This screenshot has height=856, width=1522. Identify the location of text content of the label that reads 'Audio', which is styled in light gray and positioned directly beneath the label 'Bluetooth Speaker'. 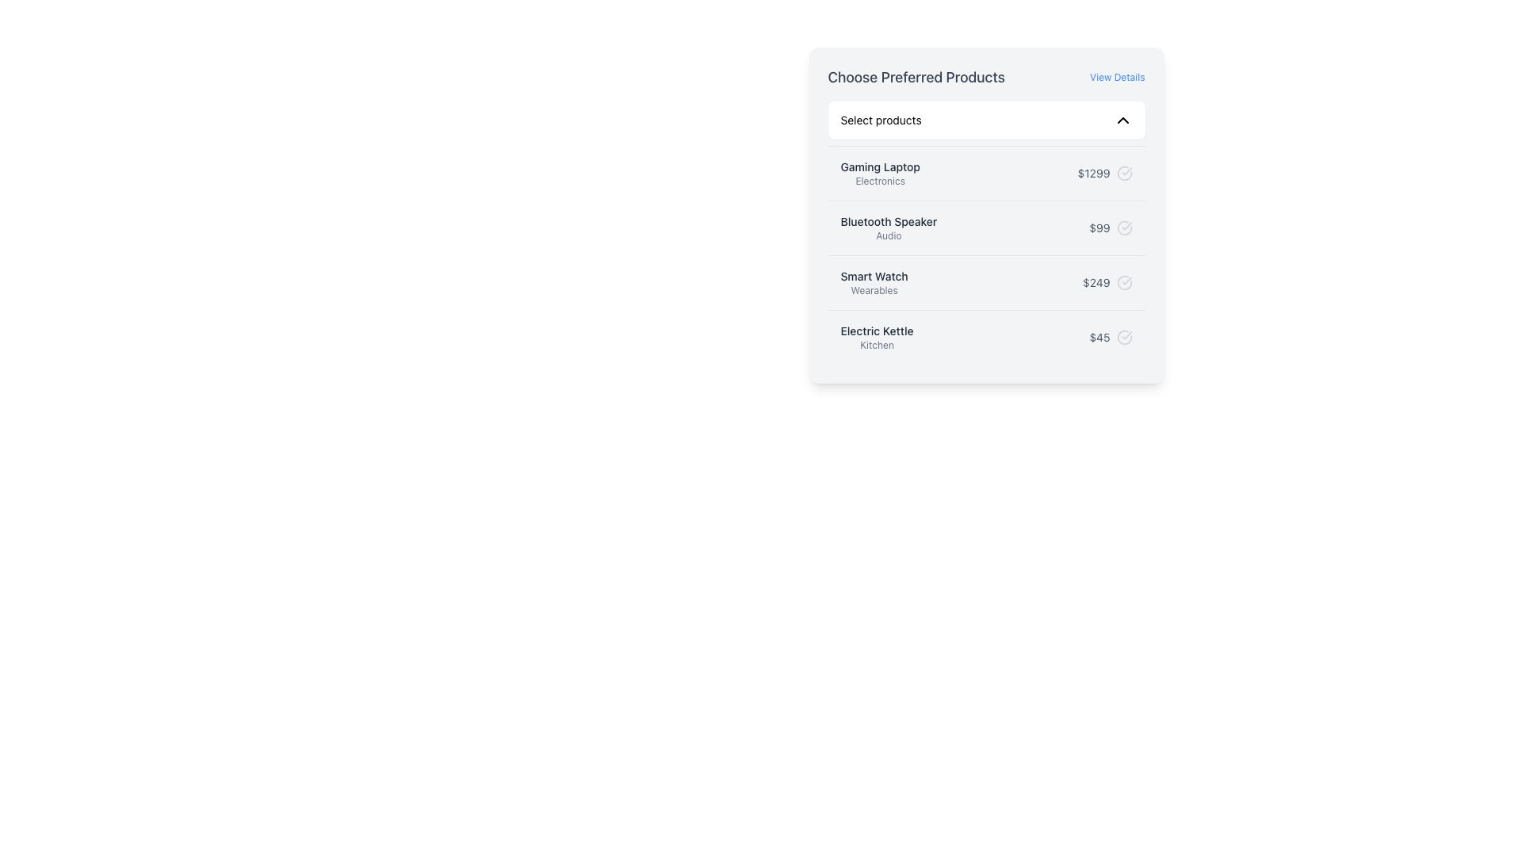
(889, 235).